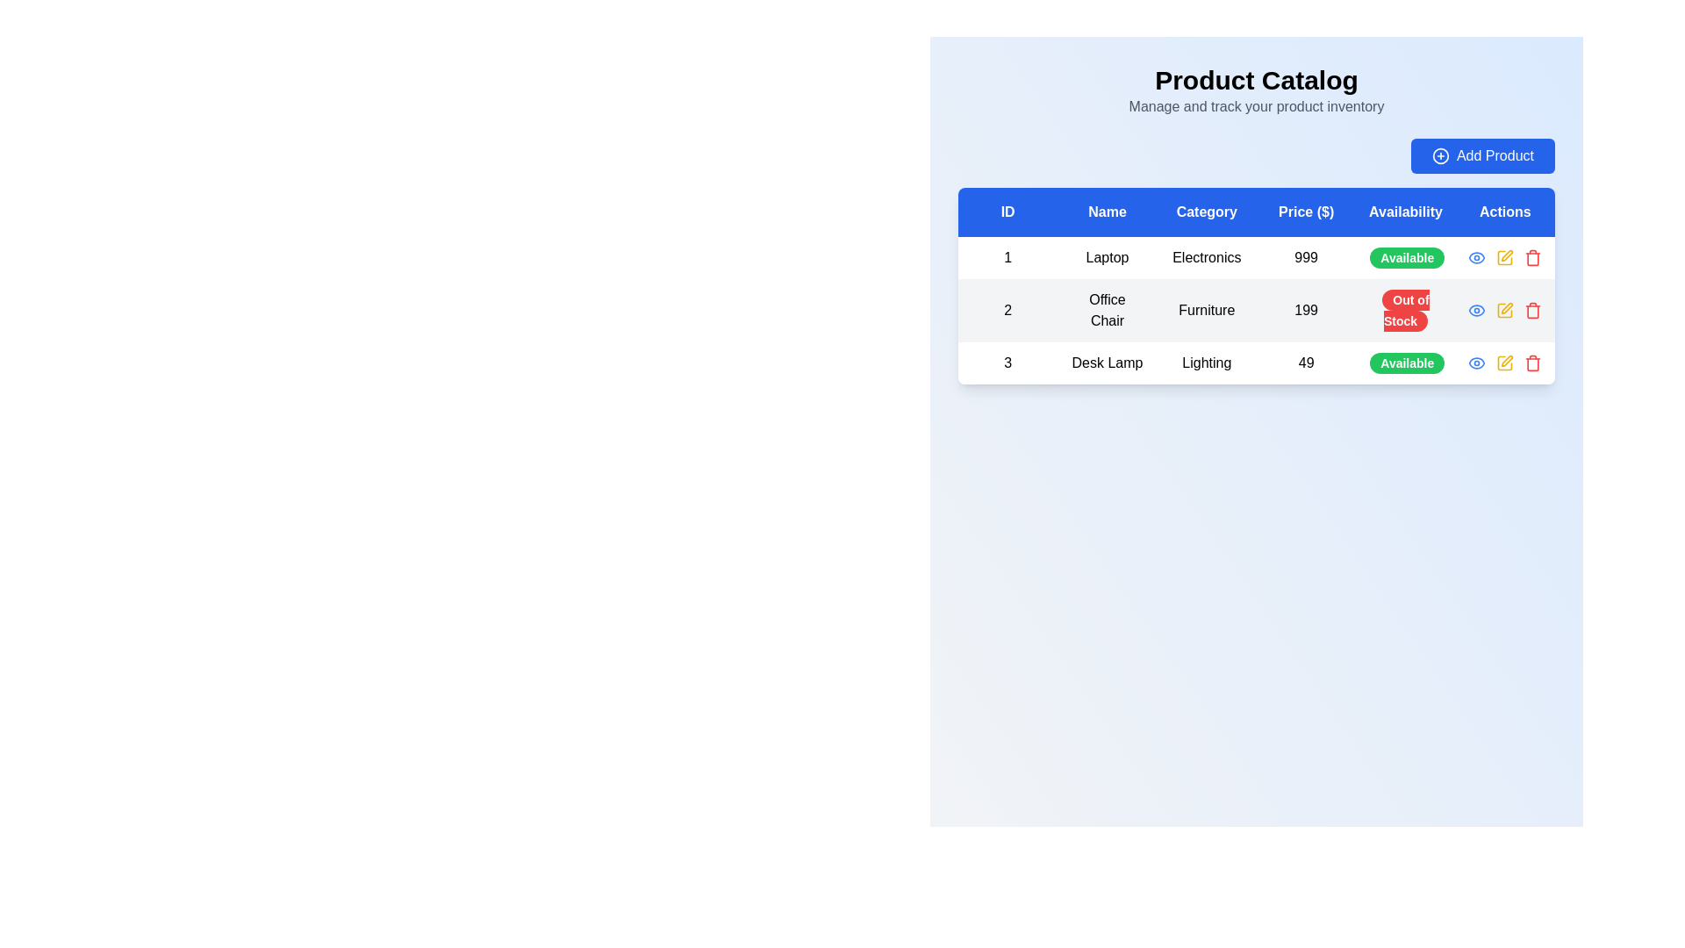 This screenshot has height=948, width=1685. I want to click on the yellow pen icon button located in the 'Actions' column of the first data row ('Laptop'), so click(1504, 257).